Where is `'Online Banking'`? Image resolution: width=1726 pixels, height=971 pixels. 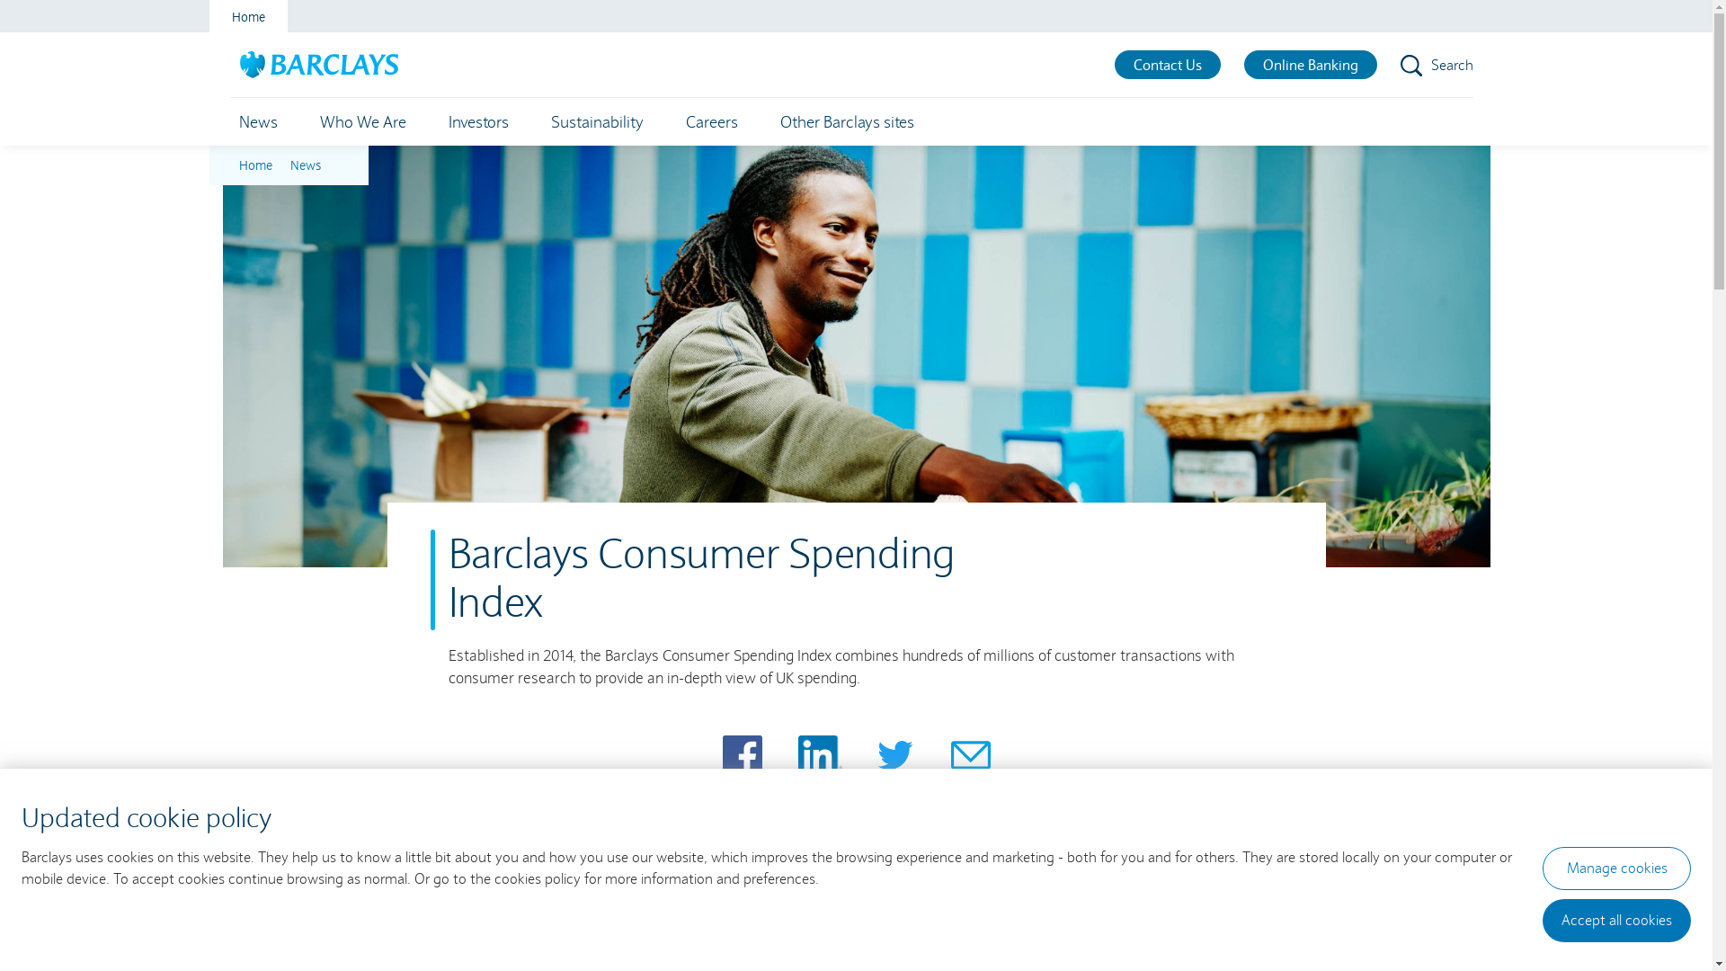
'Online Banking' is located at coordinates (1311, 64).